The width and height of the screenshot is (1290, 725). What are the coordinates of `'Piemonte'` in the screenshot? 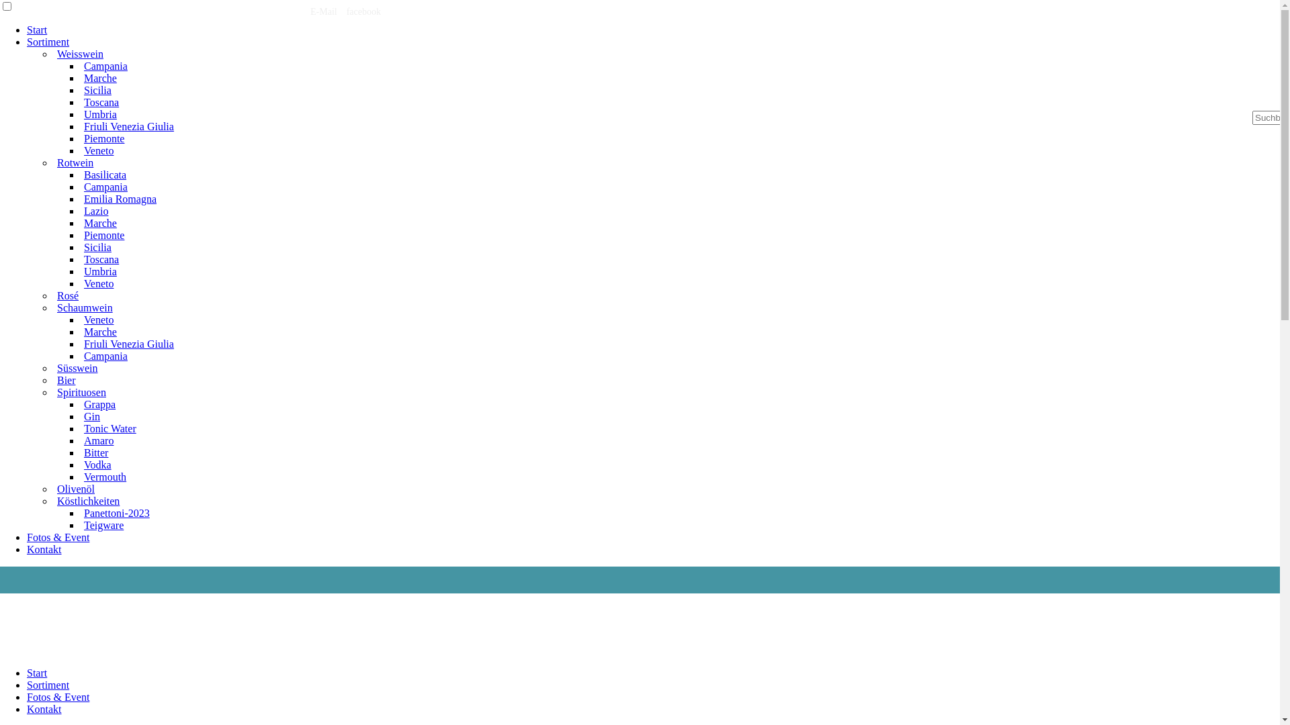 It's located at (103, 138).